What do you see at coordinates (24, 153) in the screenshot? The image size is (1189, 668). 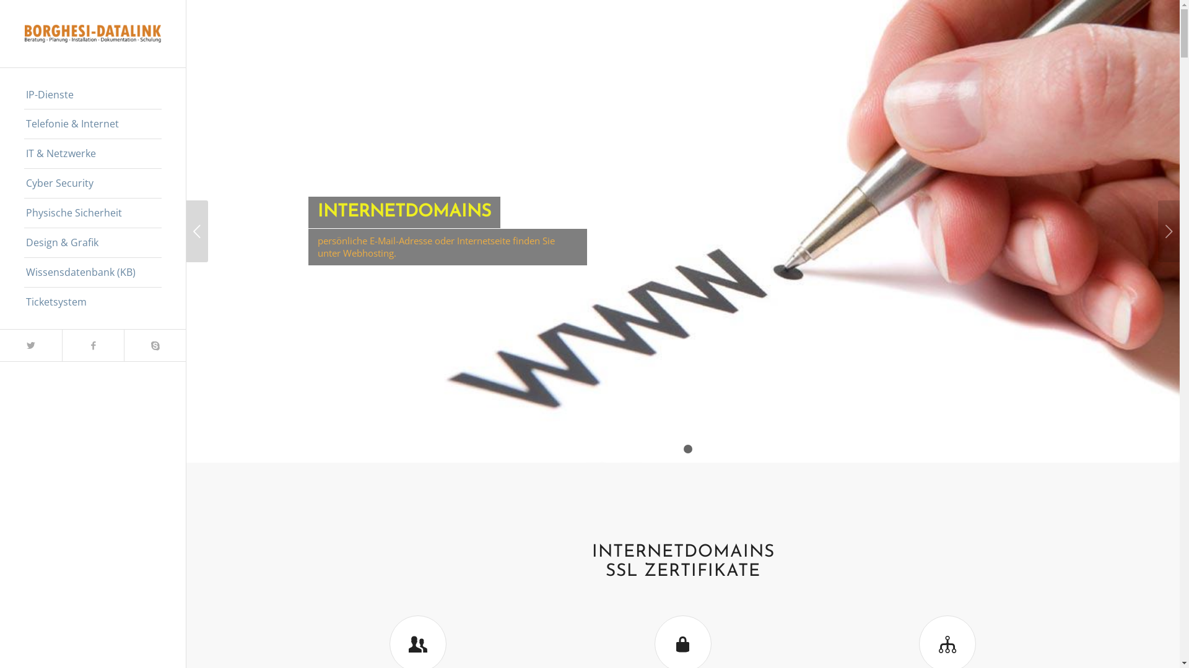 I see `'IT & Netzwerke'` at bounding box center [24, 153].